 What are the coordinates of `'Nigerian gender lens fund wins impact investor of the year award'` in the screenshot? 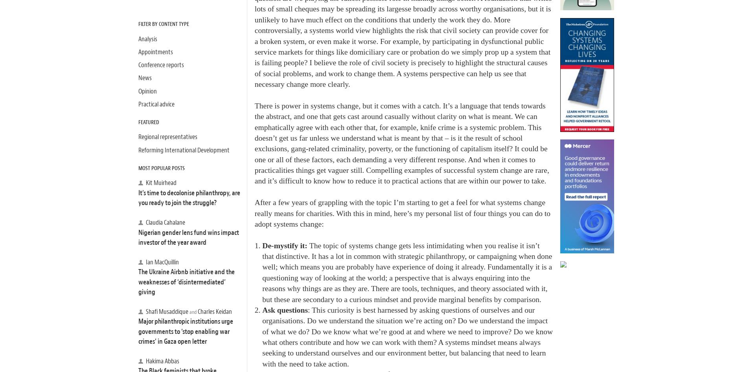 It's located at (188, 237).